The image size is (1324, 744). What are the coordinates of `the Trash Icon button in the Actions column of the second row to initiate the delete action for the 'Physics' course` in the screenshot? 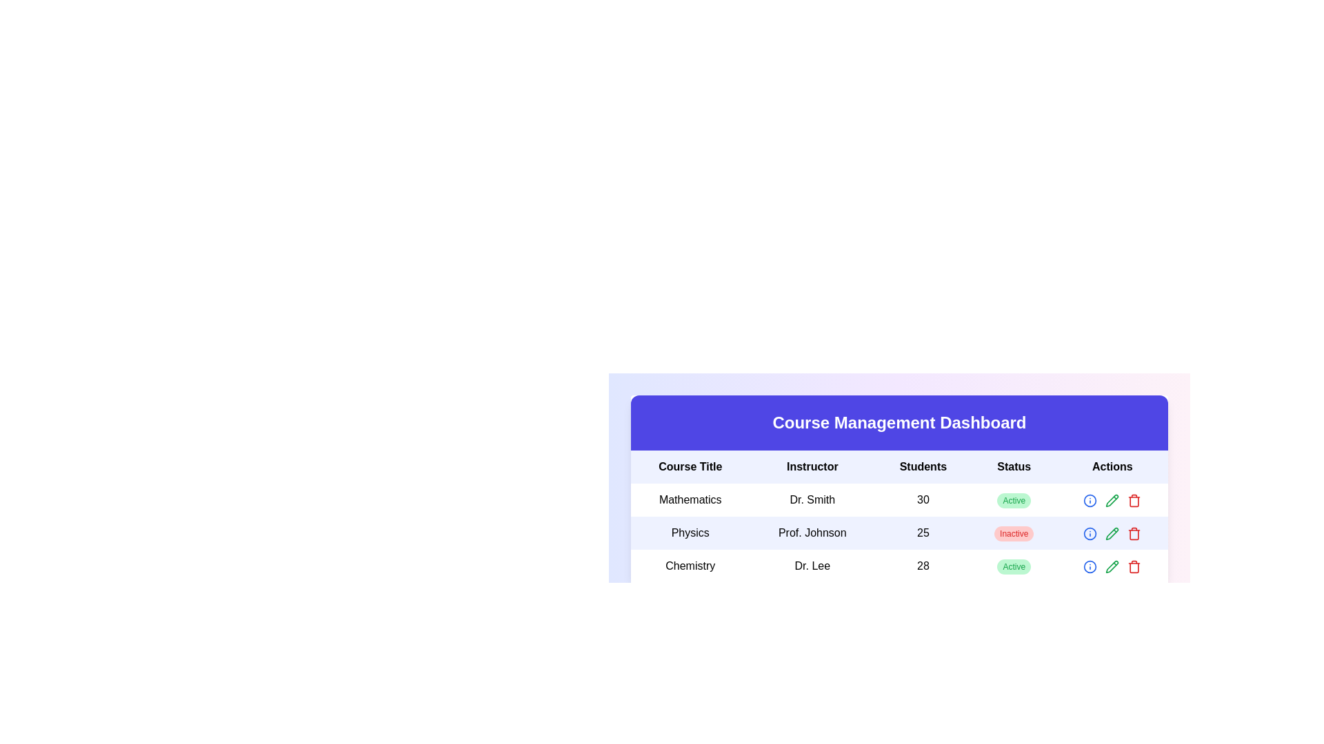 It's located at (1134, 533).